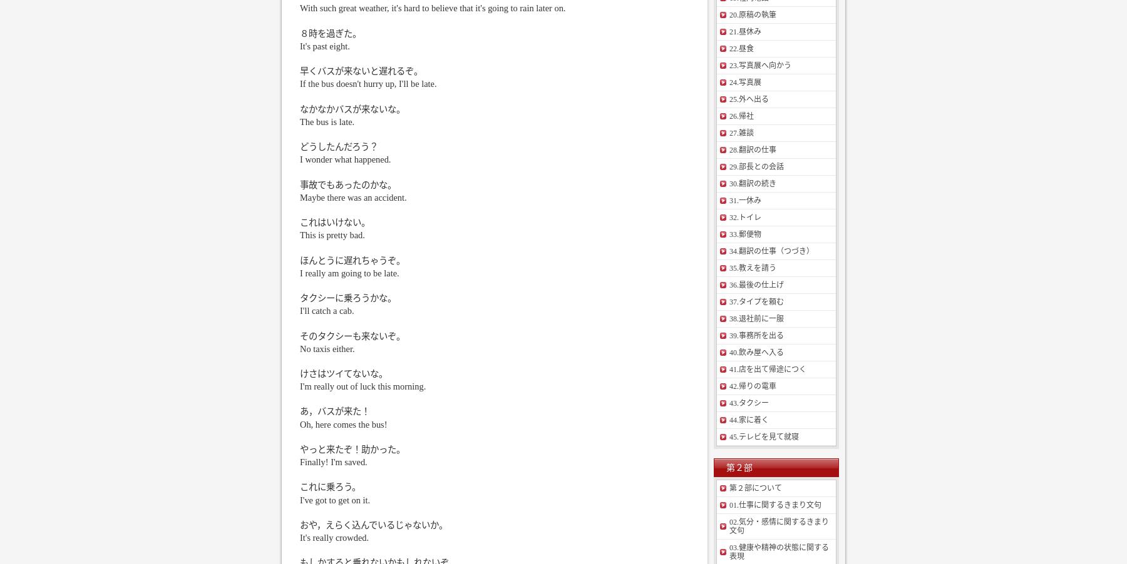 This screenshot has width=1127, height=564. I want to click on '20.原稿の執筆', so click(752, 14).